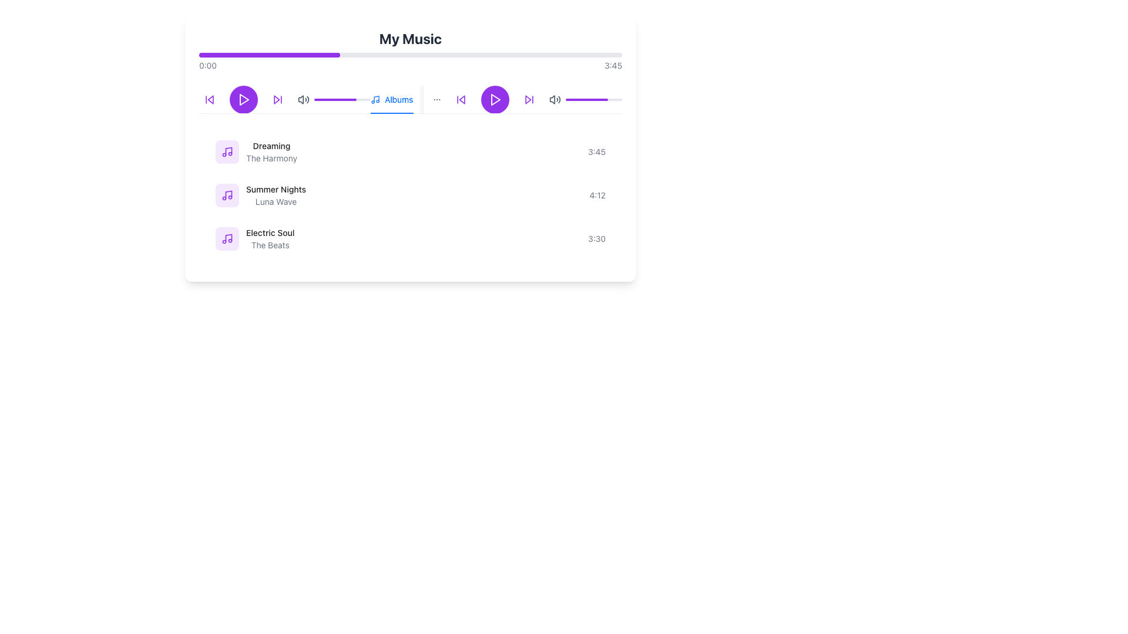 The height and width of the screenshot is (634, 1128). I want to click on the active 'Albums' navigation tab, which is located, so click(392, 99).